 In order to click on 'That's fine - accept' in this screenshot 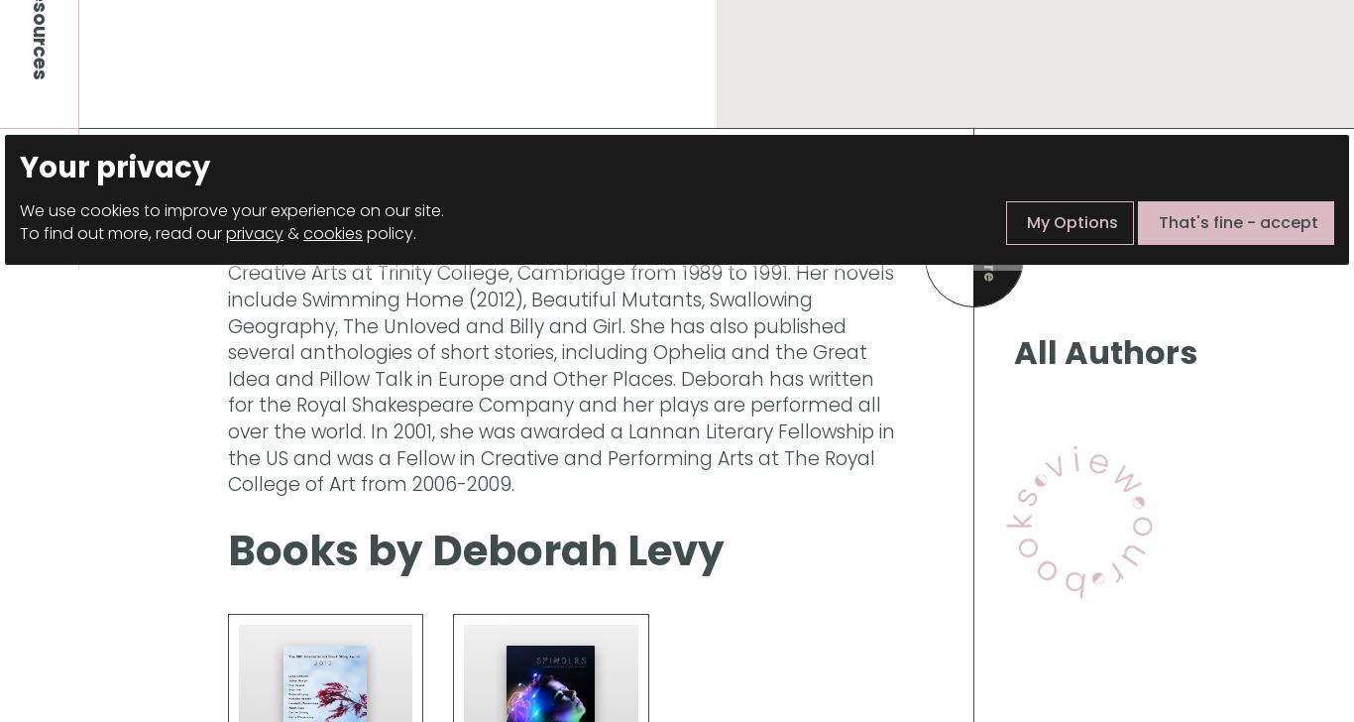, I will do `click(1238, 221)`.